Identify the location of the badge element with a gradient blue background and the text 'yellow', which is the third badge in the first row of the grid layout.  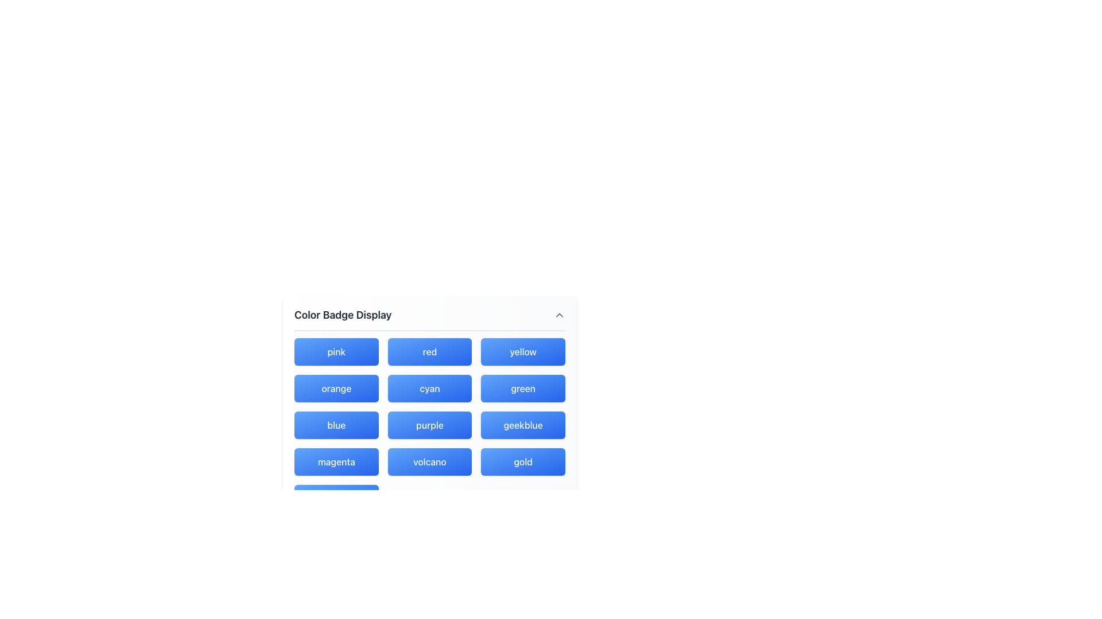
(522, 351).